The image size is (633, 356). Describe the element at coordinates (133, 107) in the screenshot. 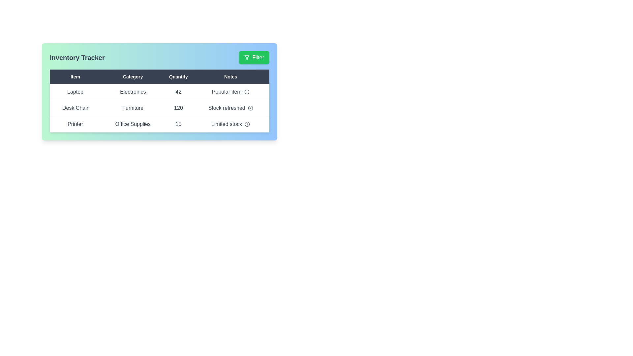

I see `the cell containing Furniture to select its text` at that location.